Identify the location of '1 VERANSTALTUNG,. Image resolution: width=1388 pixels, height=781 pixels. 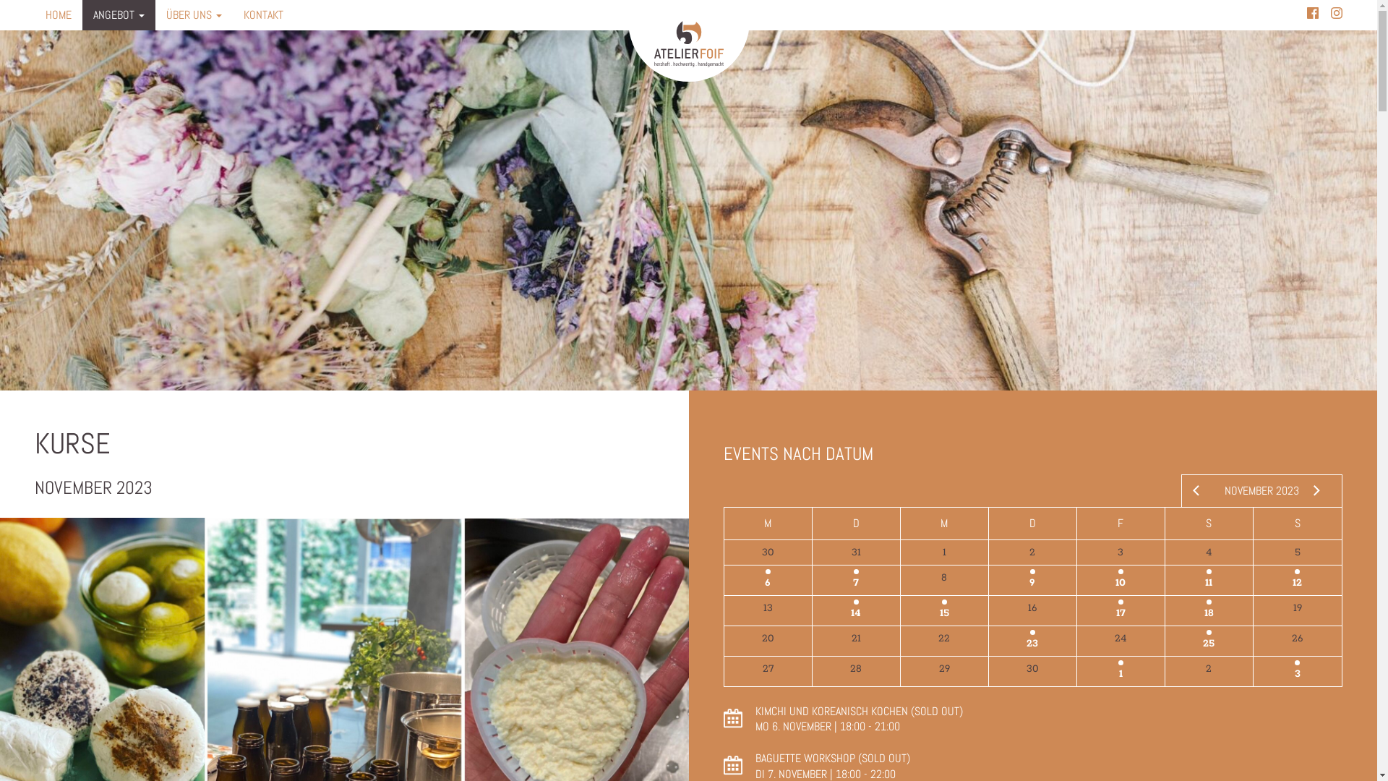
(1120, 671).